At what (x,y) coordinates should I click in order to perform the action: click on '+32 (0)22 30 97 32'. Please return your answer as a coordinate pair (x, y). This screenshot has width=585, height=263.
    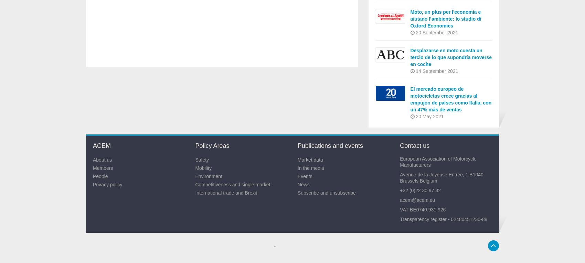
    Looking at the image, I should click on (419, 190).